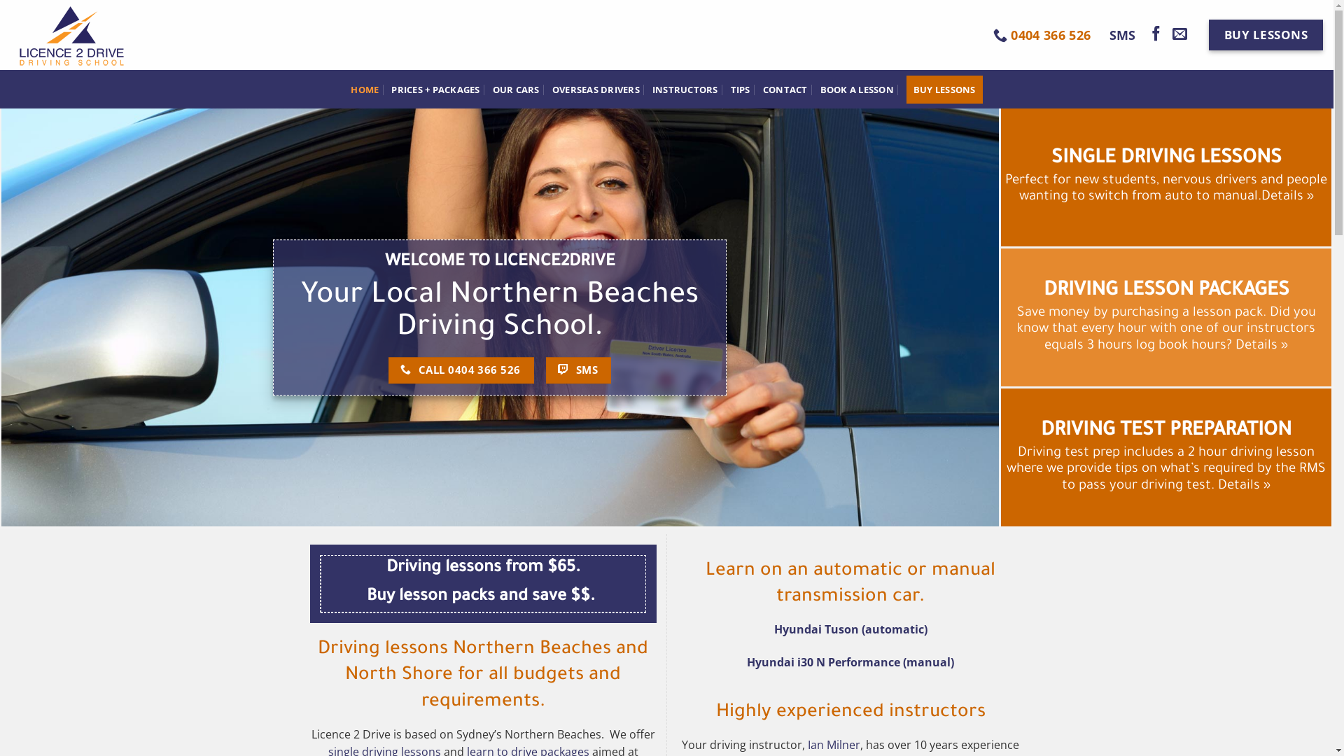 The image size is (1344, 756). Describe the element at coordinates (1166, 291) in the screenshot. I see `'DRIVING LESSON PACKAGES'` at that location.